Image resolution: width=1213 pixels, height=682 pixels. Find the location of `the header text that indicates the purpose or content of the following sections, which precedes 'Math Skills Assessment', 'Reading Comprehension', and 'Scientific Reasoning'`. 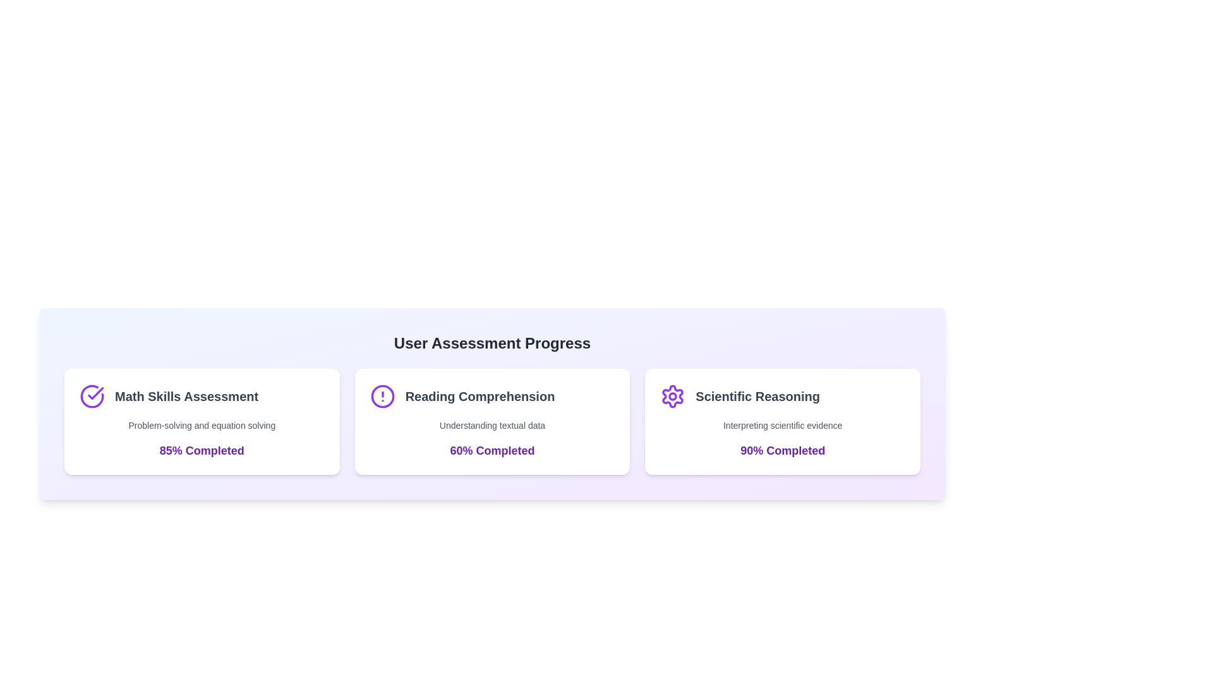

the header text that indicates the purpose or content of the following sections, which precedes 'Math Skills Assessment', 'Reading Comprehension', and 'Scientific Reasoning' is located at coordinates (492, 343).